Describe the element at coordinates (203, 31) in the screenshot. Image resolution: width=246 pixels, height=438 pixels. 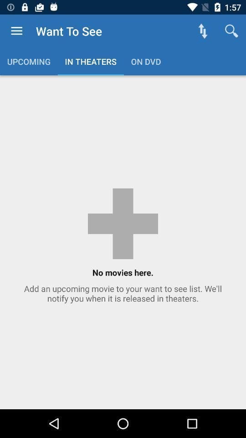
I see `the icon above the add an upcoming icon` at that location.